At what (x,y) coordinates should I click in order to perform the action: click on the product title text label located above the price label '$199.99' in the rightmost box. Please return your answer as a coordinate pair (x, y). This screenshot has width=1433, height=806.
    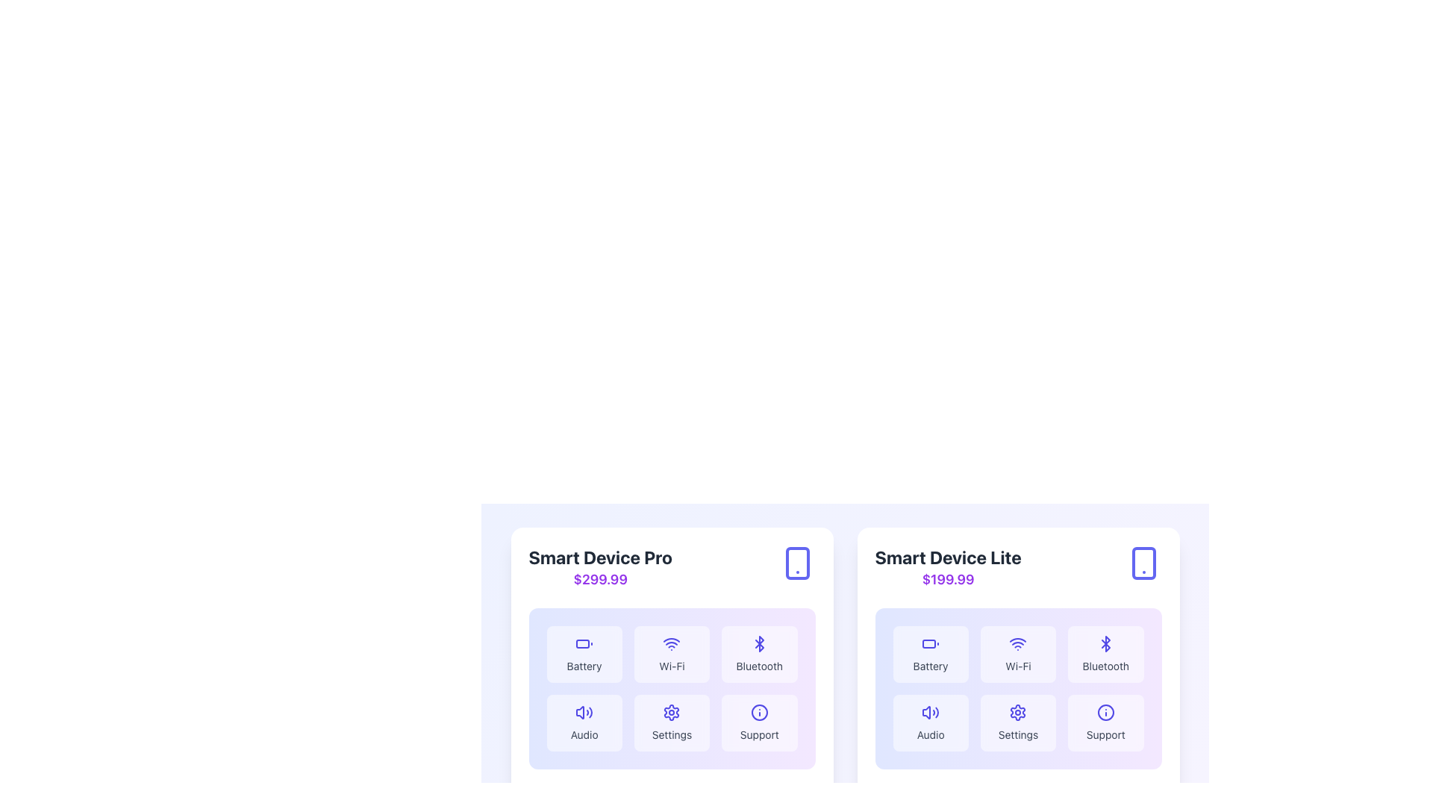
    Looking at the image, I should click on (947, 557).